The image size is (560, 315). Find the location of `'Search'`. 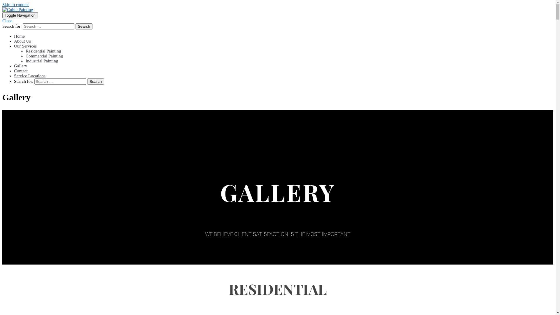

'Search' is located at coordinates (95, 81).